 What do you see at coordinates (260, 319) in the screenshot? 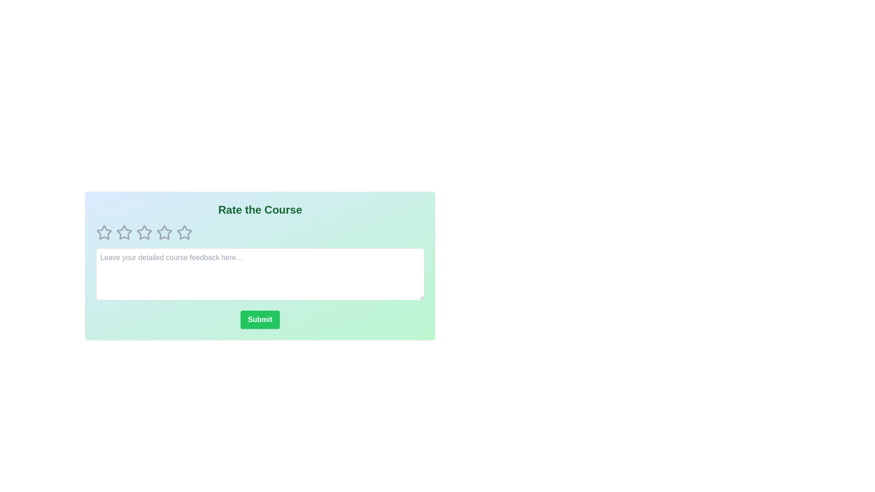
I see `the 'Submit' button to submit the feedback and rating` at bounding box center [260, 319].